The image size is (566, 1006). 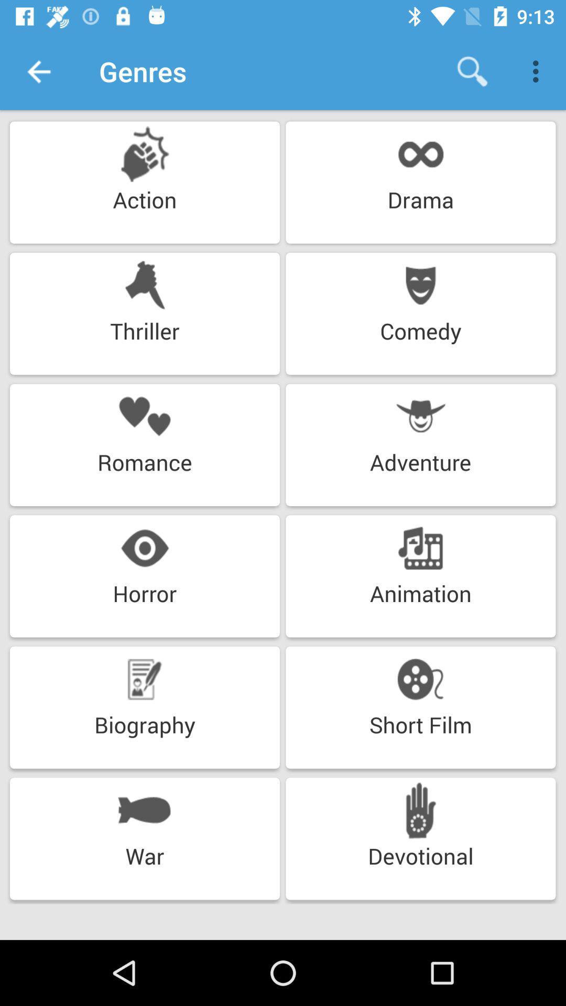 I want to click on the icon next to genres  icon, so click(x=38, y=71).